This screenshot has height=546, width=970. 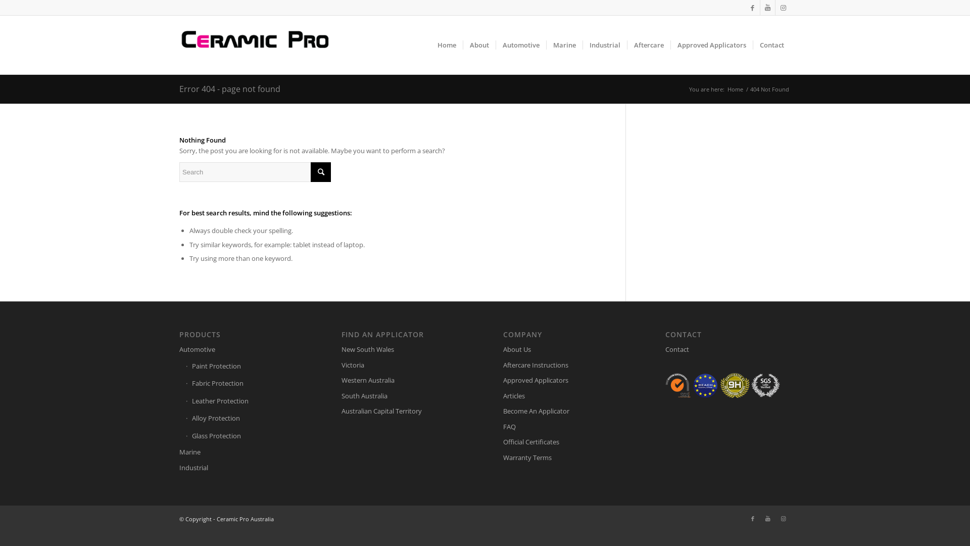 What do you see at coordinates (478, 44) in the screenshot?
I see `'About'` at bounding box center [478, 44].